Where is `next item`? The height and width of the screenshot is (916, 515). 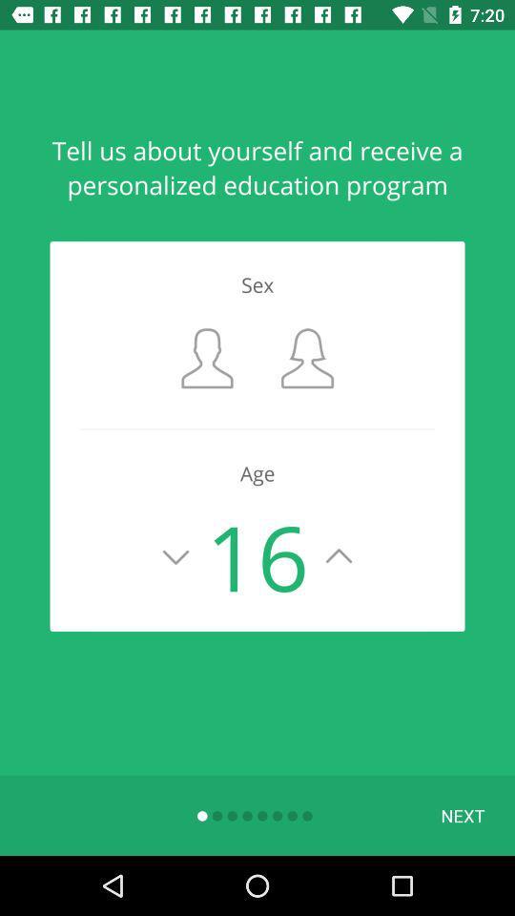 next item is located at coordinates (462, 814).